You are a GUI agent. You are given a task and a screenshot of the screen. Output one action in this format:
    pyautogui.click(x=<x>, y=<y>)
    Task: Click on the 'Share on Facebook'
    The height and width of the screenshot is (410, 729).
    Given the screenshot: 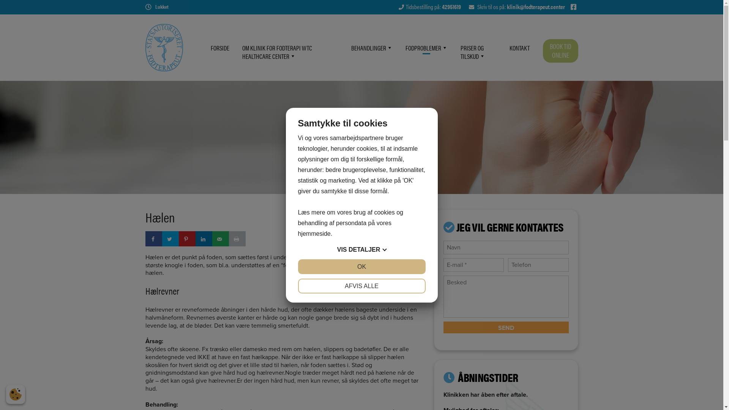 What is the action you would take?
    pyautogui.click(x=153, y=238)
    